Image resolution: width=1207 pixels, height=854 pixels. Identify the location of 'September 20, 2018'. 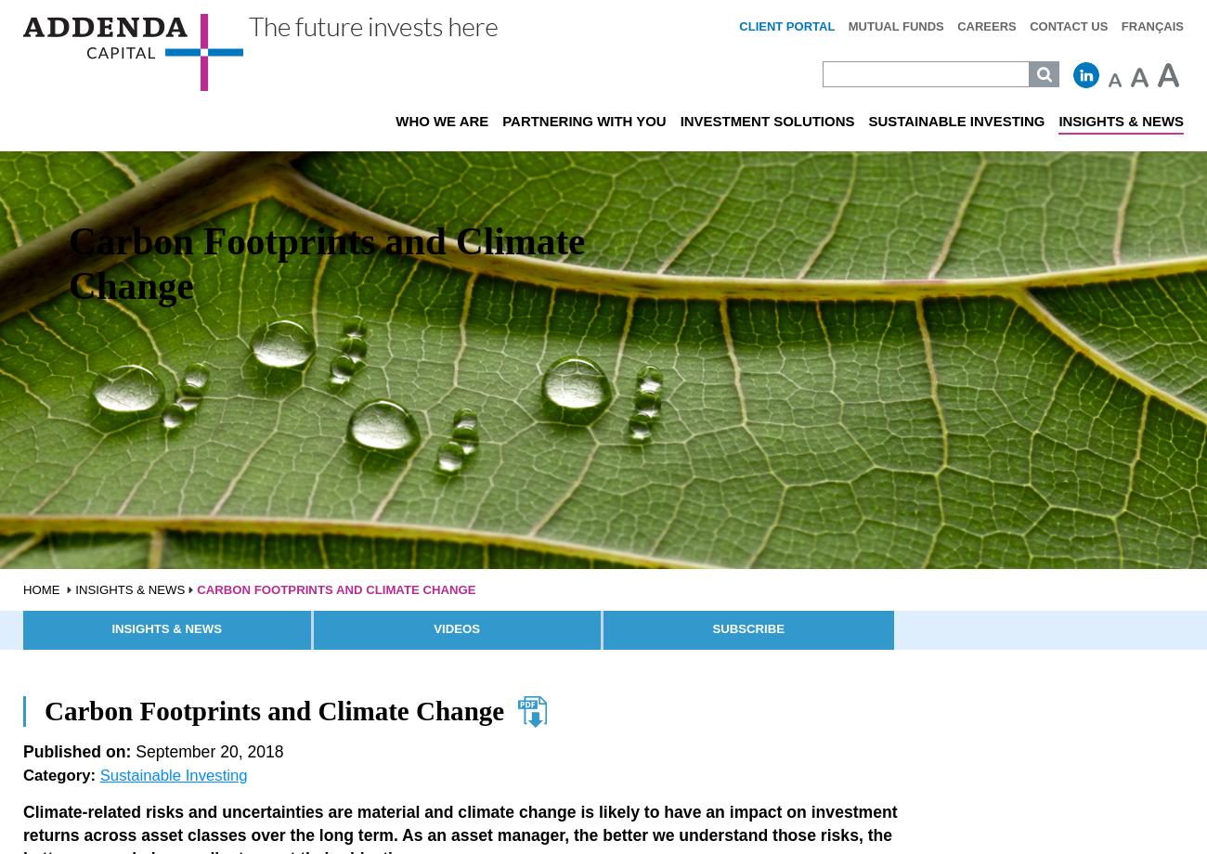
(205, 750).